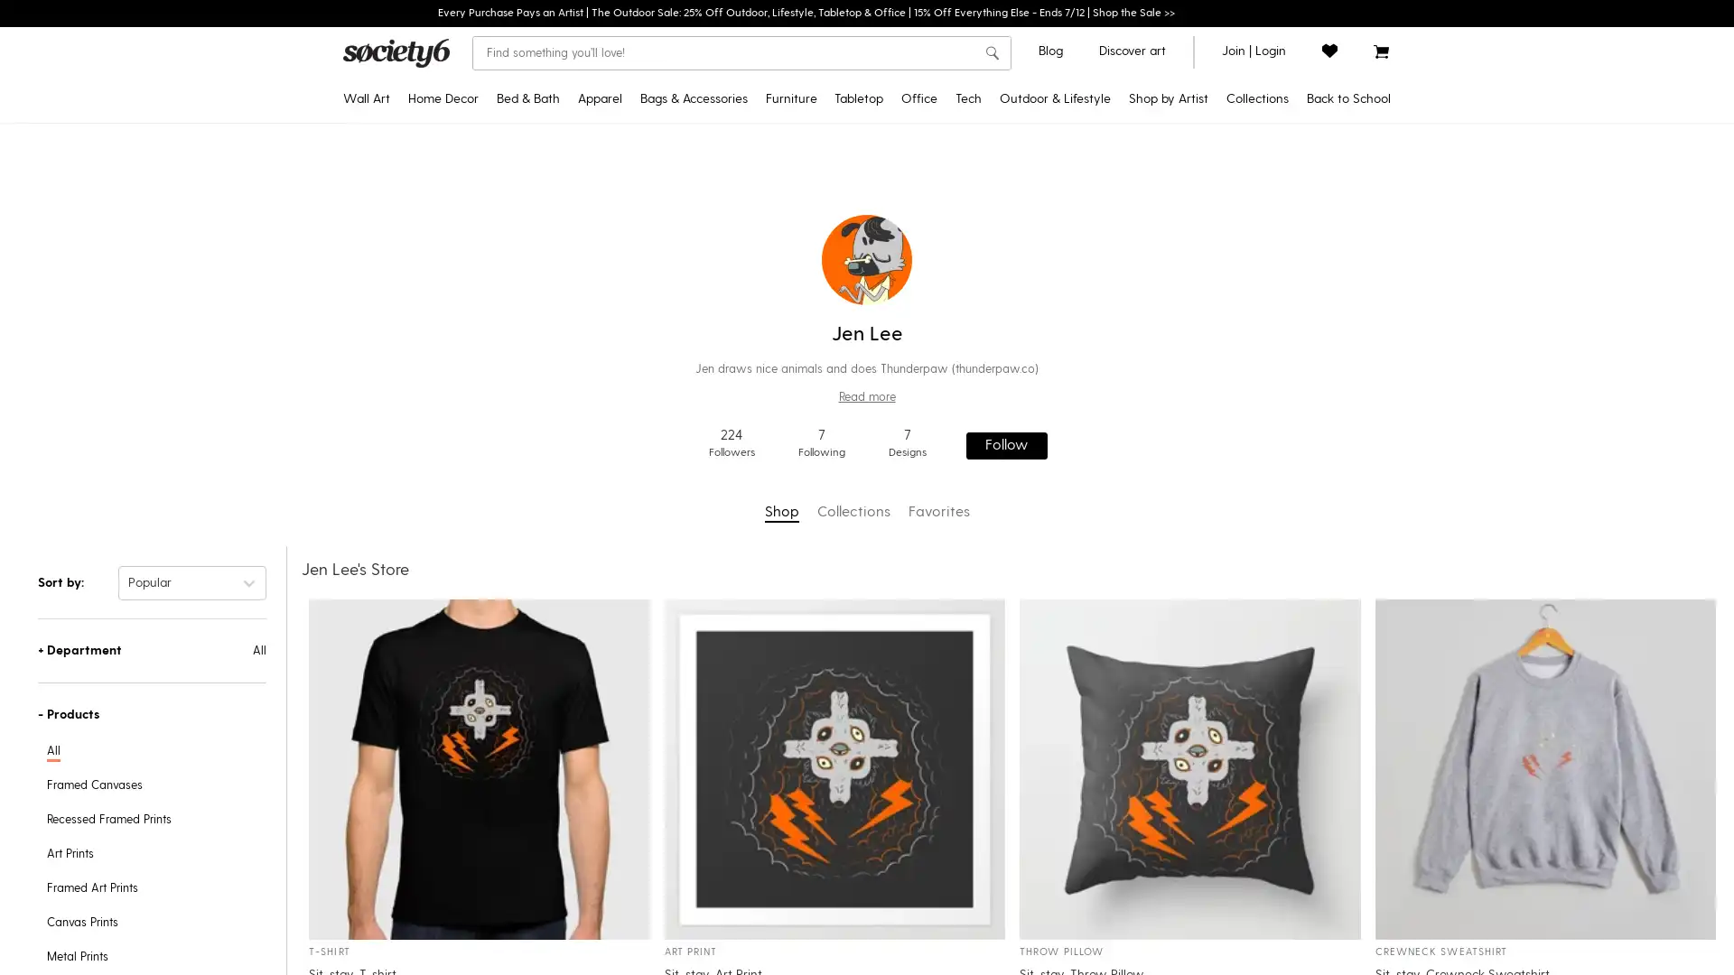 Image resolution: width=1734 pixels, height=975 pixels. What do you see at coordinates (1119, 231) in the screenshot?
I see `Discover Black Artists` at bounding box center [1119, 231].